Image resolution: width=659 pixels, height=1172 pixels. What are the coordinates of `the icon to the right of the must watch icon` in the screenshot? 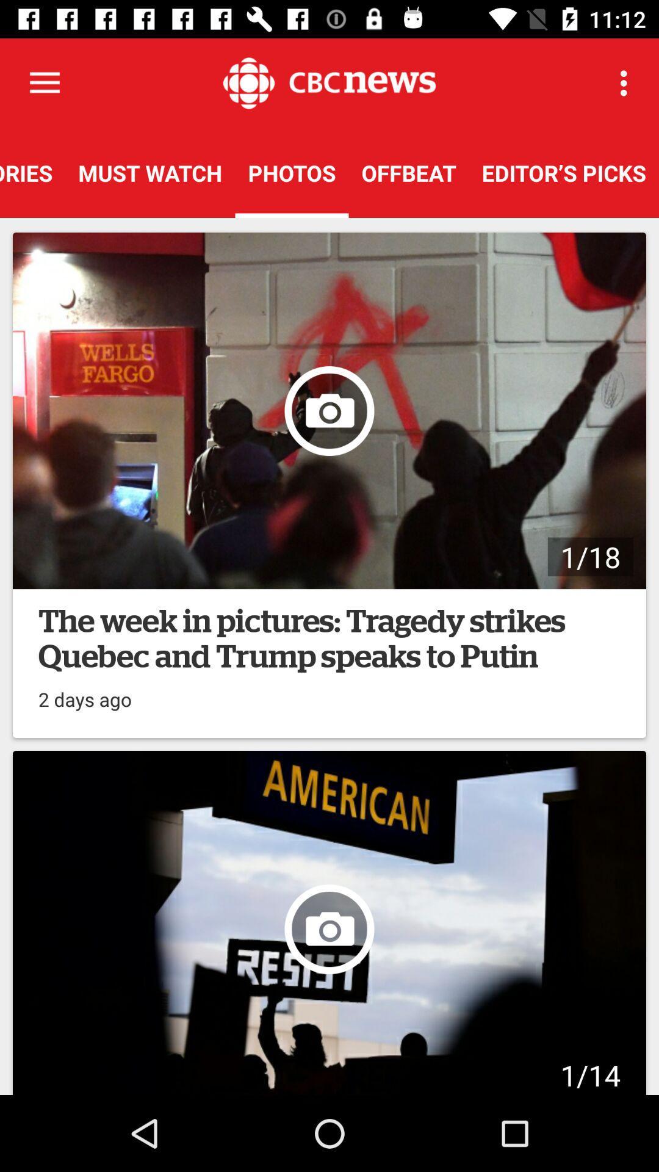 It's located at (292, 172).